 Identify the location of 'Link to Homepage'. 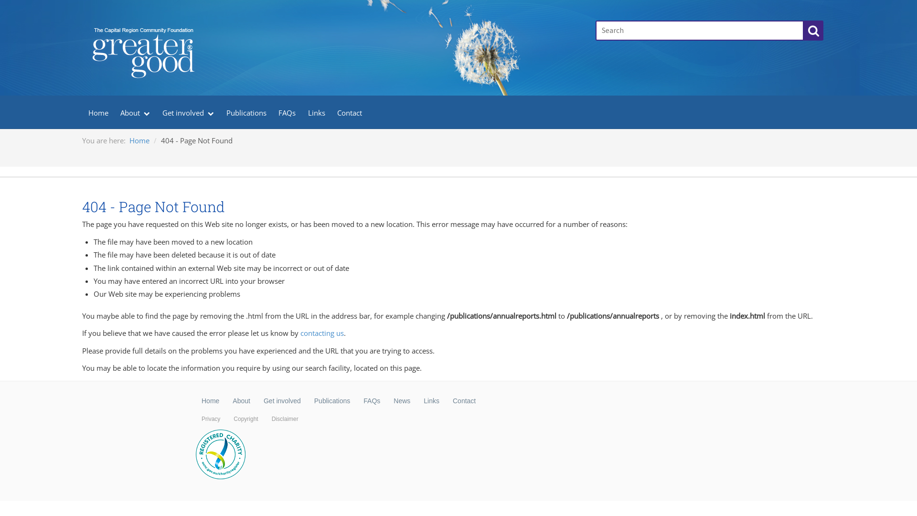
(333, 21).